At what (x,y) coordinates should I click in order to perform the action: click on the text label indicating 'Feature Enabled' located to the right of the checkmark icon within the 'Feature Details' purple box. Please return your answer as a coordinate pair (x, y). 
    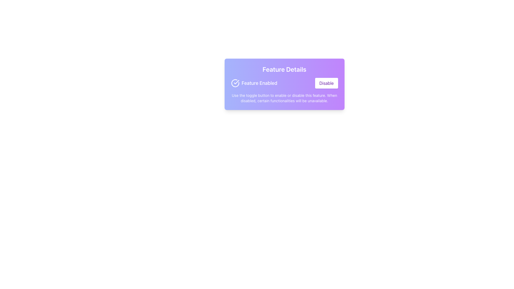
    Looking at the image, I should click on (259, 83).